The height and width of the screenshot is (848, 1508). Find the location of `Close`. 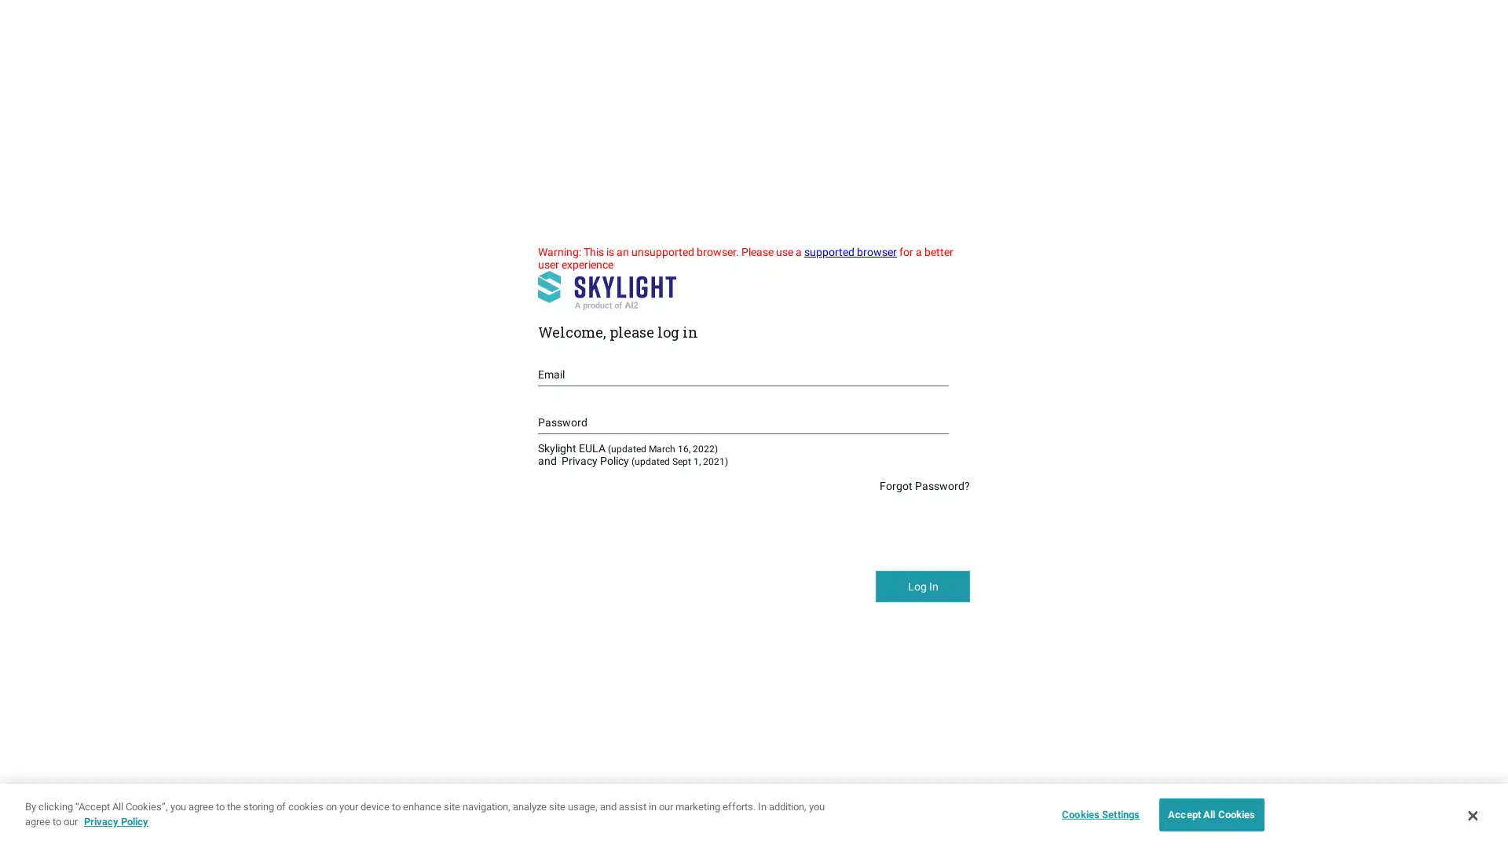

Close is located at coordinates (1471, 813).